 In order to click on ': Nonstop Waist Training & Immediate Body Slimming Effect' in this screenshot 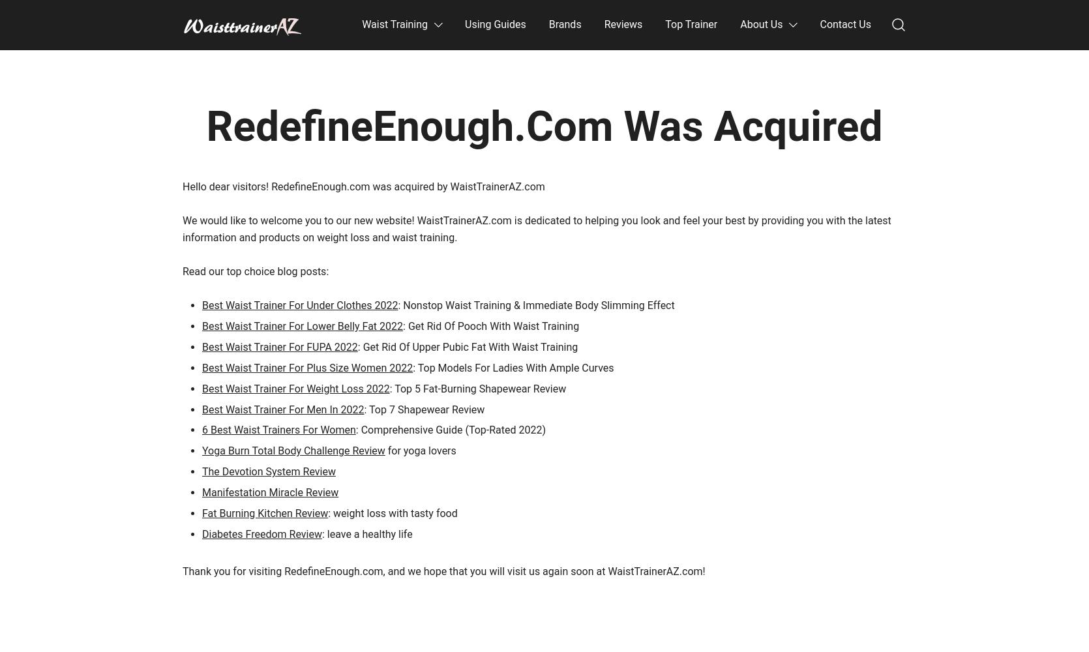, I will do `click(535, 304)`.